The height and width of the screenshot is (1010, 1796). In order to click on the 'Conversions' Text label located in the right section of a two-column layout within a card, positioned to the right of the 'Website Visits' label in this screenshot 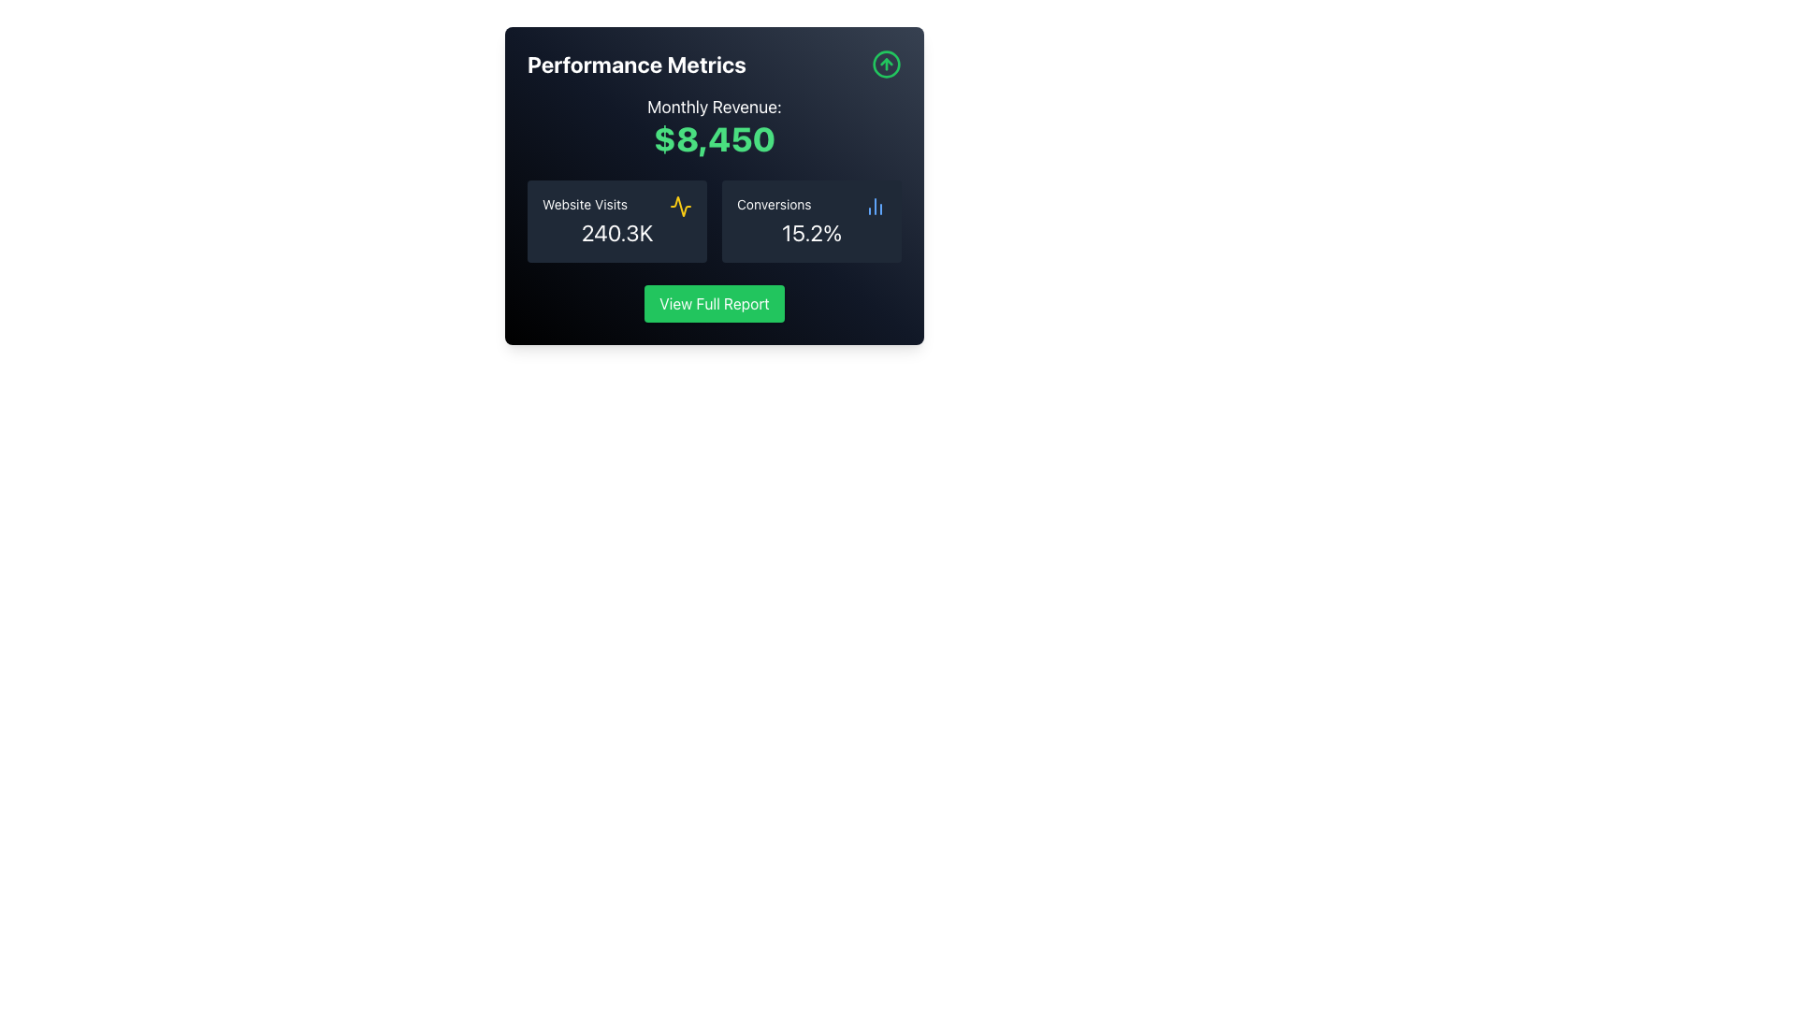, I will do `click(774, 206)`.